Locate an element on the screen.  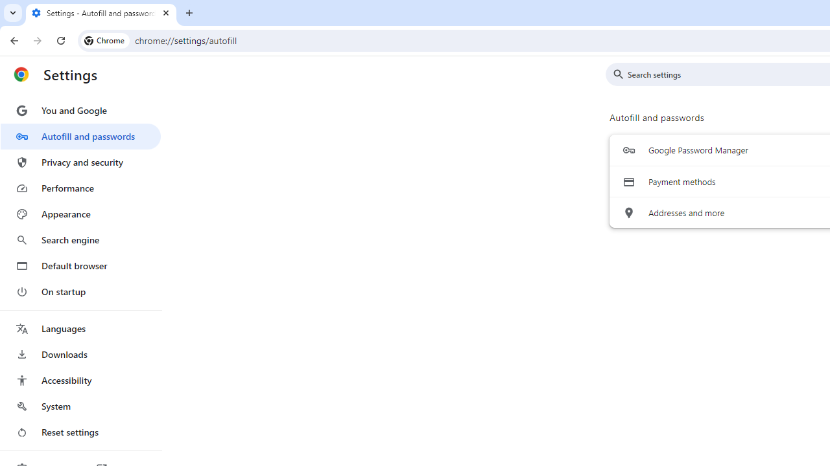
'Appearance' is located at coordinates (80, 214).